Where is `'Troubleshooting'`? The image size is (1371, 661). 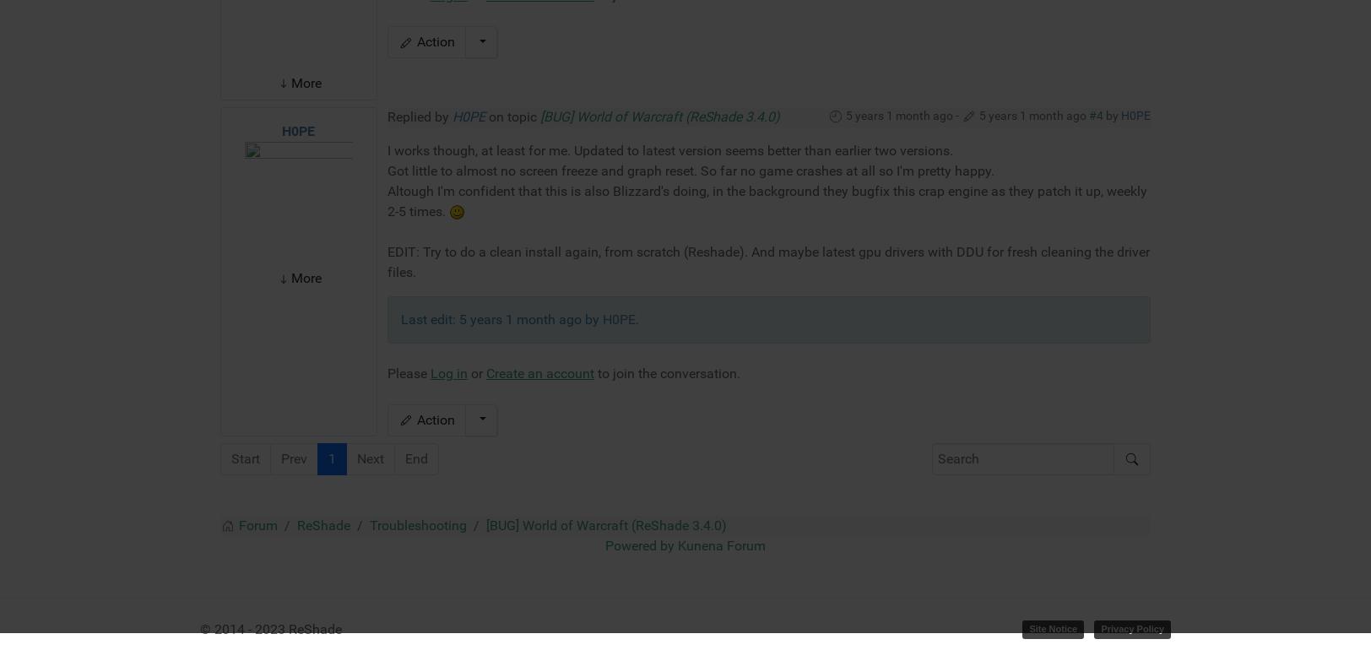 'Troubleshooting' is located at coordinates (418, 257).